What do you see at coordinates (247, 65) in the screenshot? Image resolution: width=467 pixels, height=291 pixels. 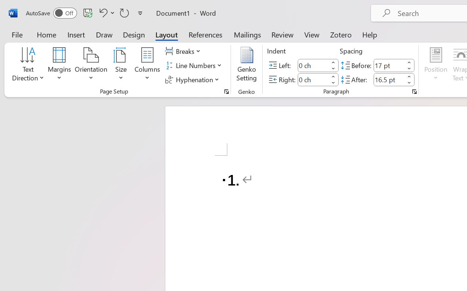 I see `'Genko Setting...'` at bounding box center [247, 65].